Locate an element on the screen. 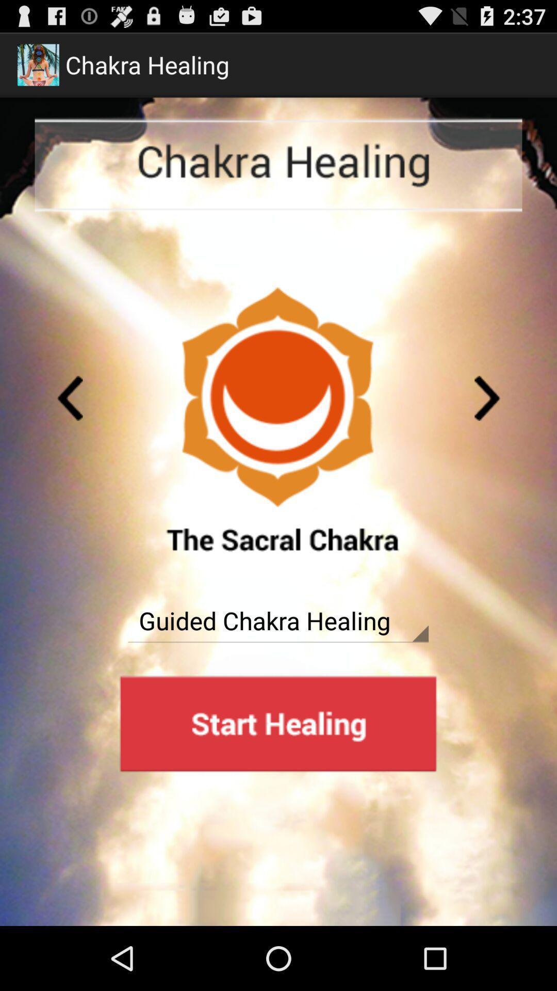 Image resolution: width=557 pixels, height=991 pixels. lleft is located at coordinates (487, 397).